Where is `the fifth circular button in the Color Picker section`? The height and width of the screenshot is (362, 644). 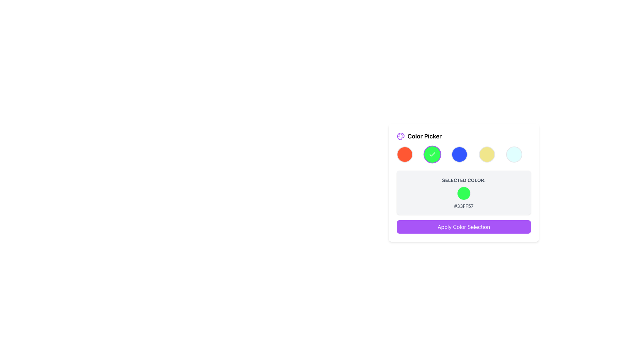 the fifth circular button in the Color Picker section is located at coordinates (487, 155).